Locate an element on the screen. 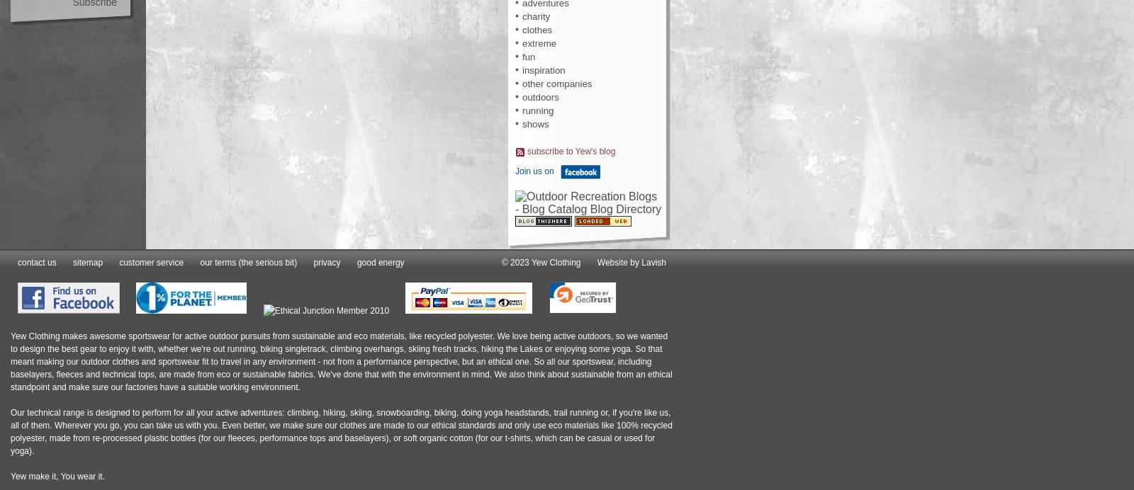  'shows' is located at coordinates (535, 124).